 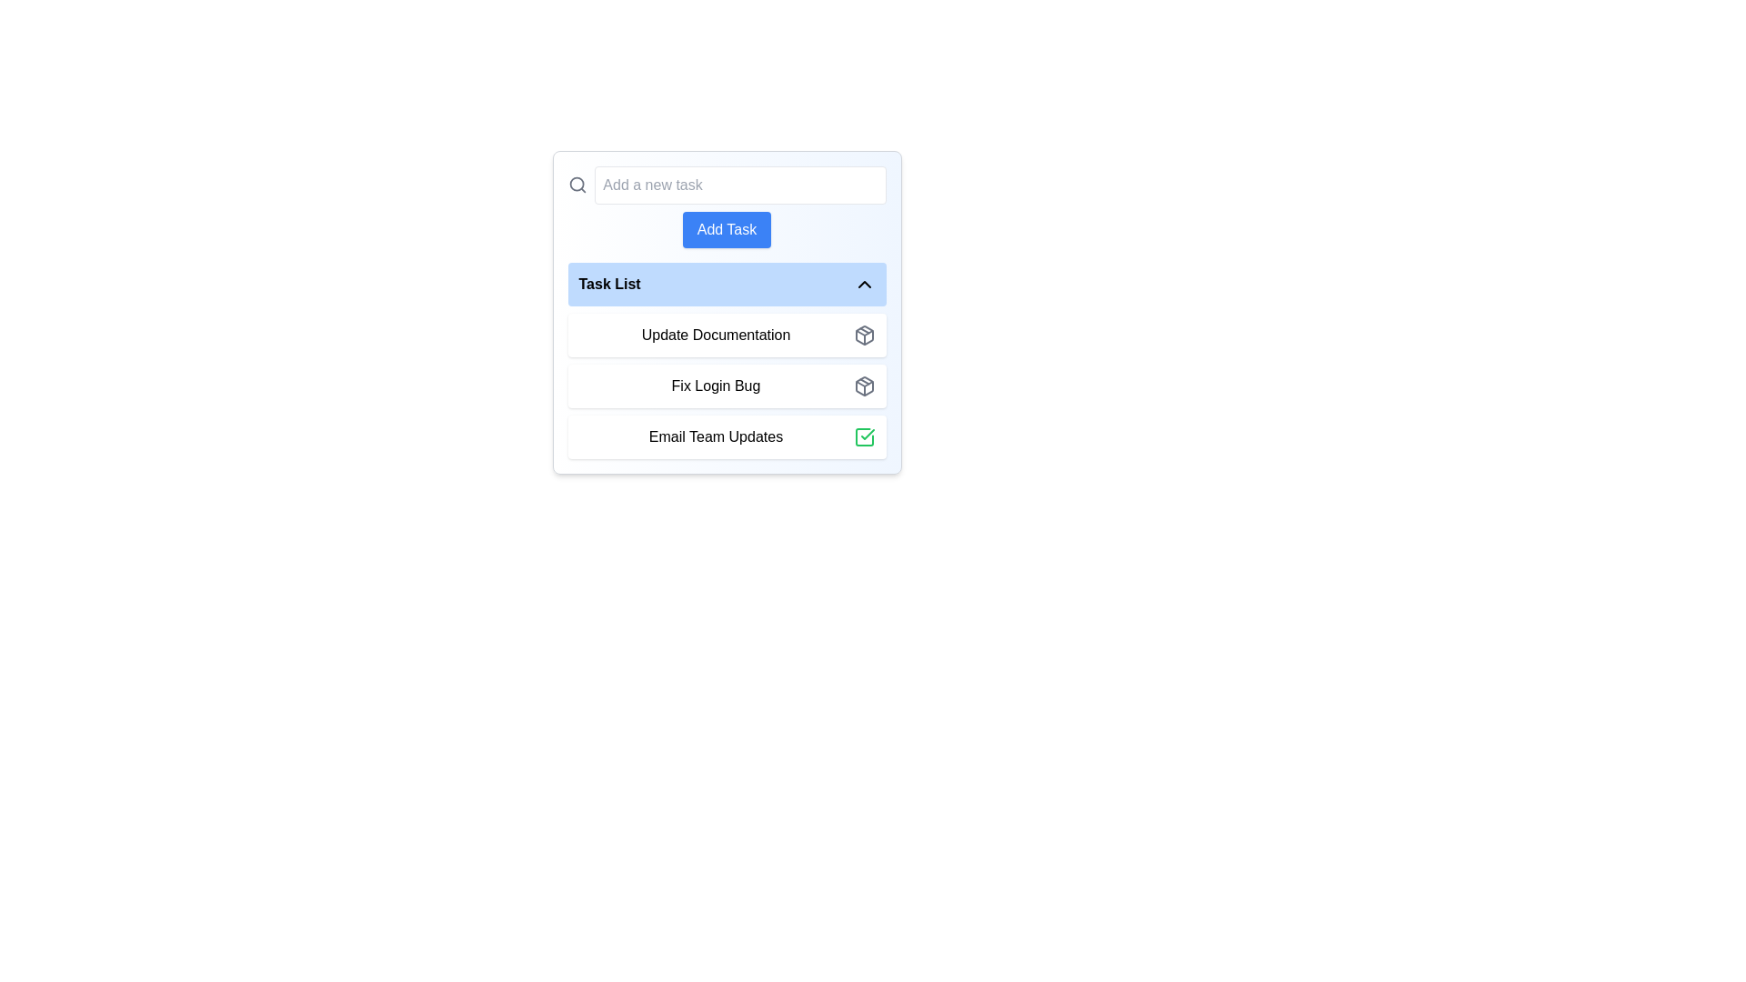 What do you see at coordinates (715, 336) in the screenshot?
I see `the text label displaying 'Update Documentation' which is part of the first item in the 'Task List' vertical list structure` at bounding box center [715, 336].